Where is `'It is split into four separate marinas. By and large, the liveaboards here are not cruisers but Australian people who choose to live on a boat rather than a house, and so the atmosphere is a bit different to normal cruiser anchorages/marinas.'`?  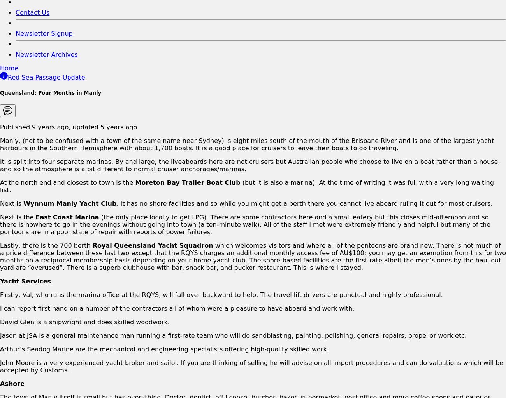
'It is split into four separate marinas. By and large, the liveaboards here are not cruisers but Australian people who choose to live on a boat rather than a house, and so the atmosphere is a bit different to normal cruiser anchorages/marinas.' is located at coordinates (249, 164).